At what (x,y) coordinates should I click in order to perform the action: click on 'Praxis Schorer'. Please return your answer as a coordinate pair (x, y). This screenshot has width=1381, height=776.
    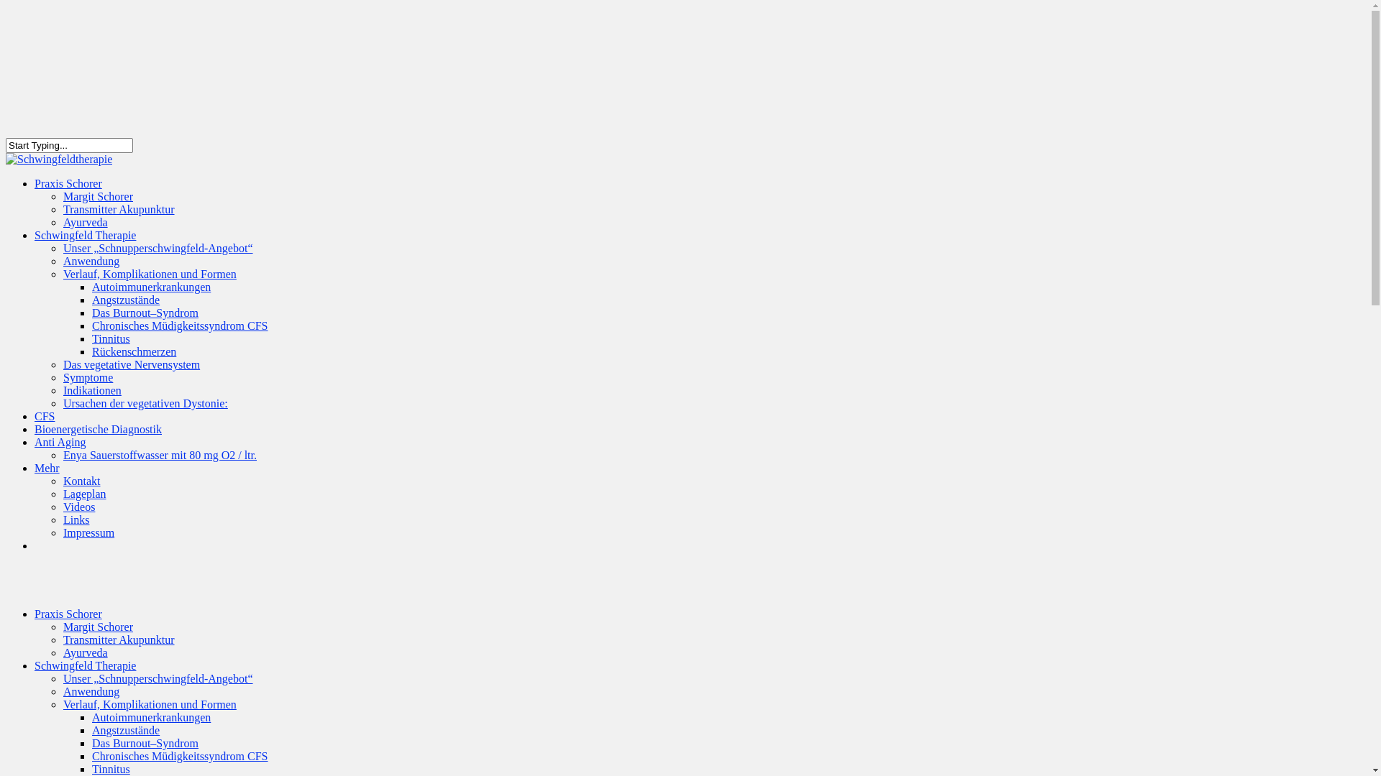
    Looking at the image, I should click on (68, 614).